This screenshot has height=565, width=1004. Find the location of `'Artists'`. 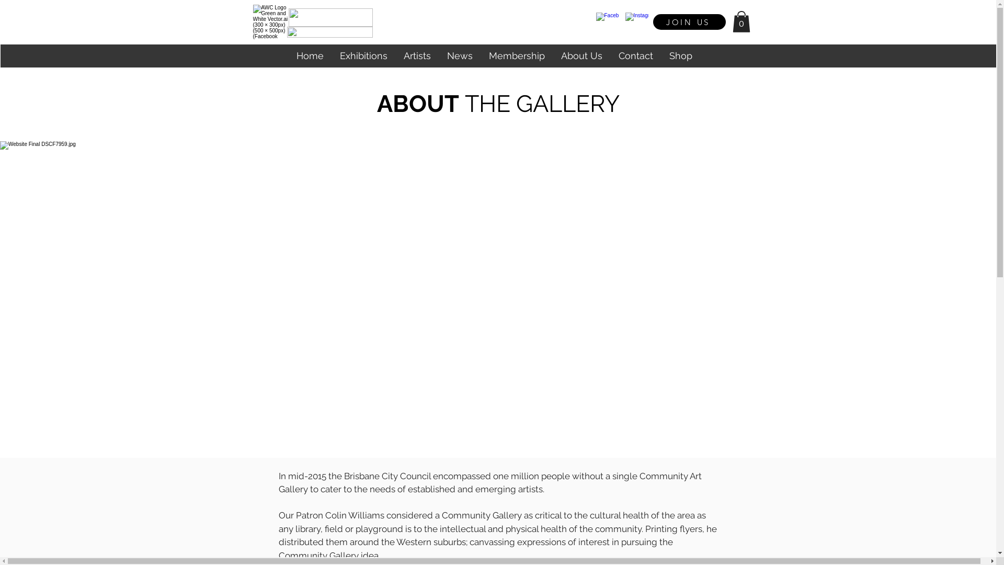

'Artists' is located at coordinates (416, 56).